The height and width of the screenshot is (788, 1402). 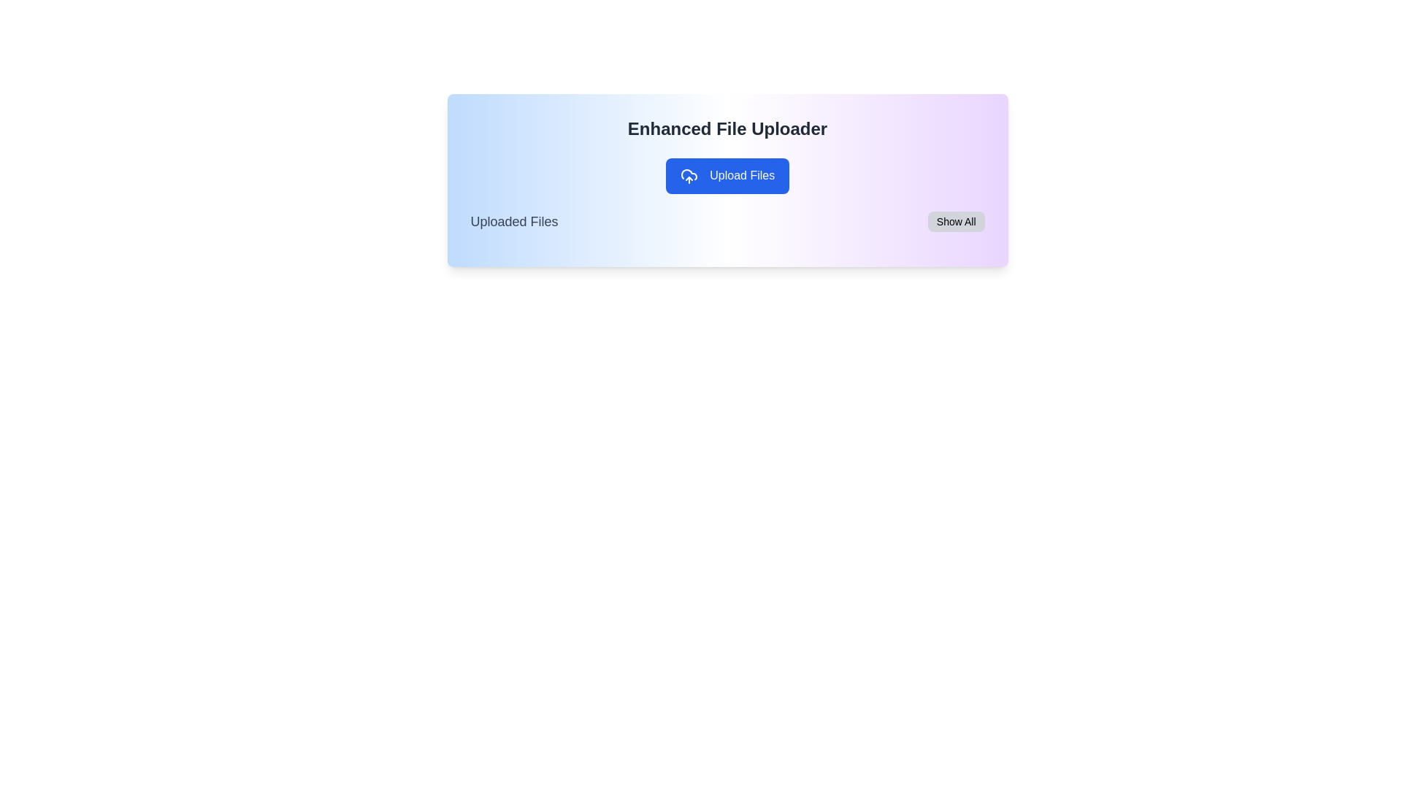 What do you see at coordinates (688, 174) in the screenshot?
I see `the cloud icon which is part of the 'Upload Files' button, serving as a visual aid for file uploading` at bounding box center [688, 174].